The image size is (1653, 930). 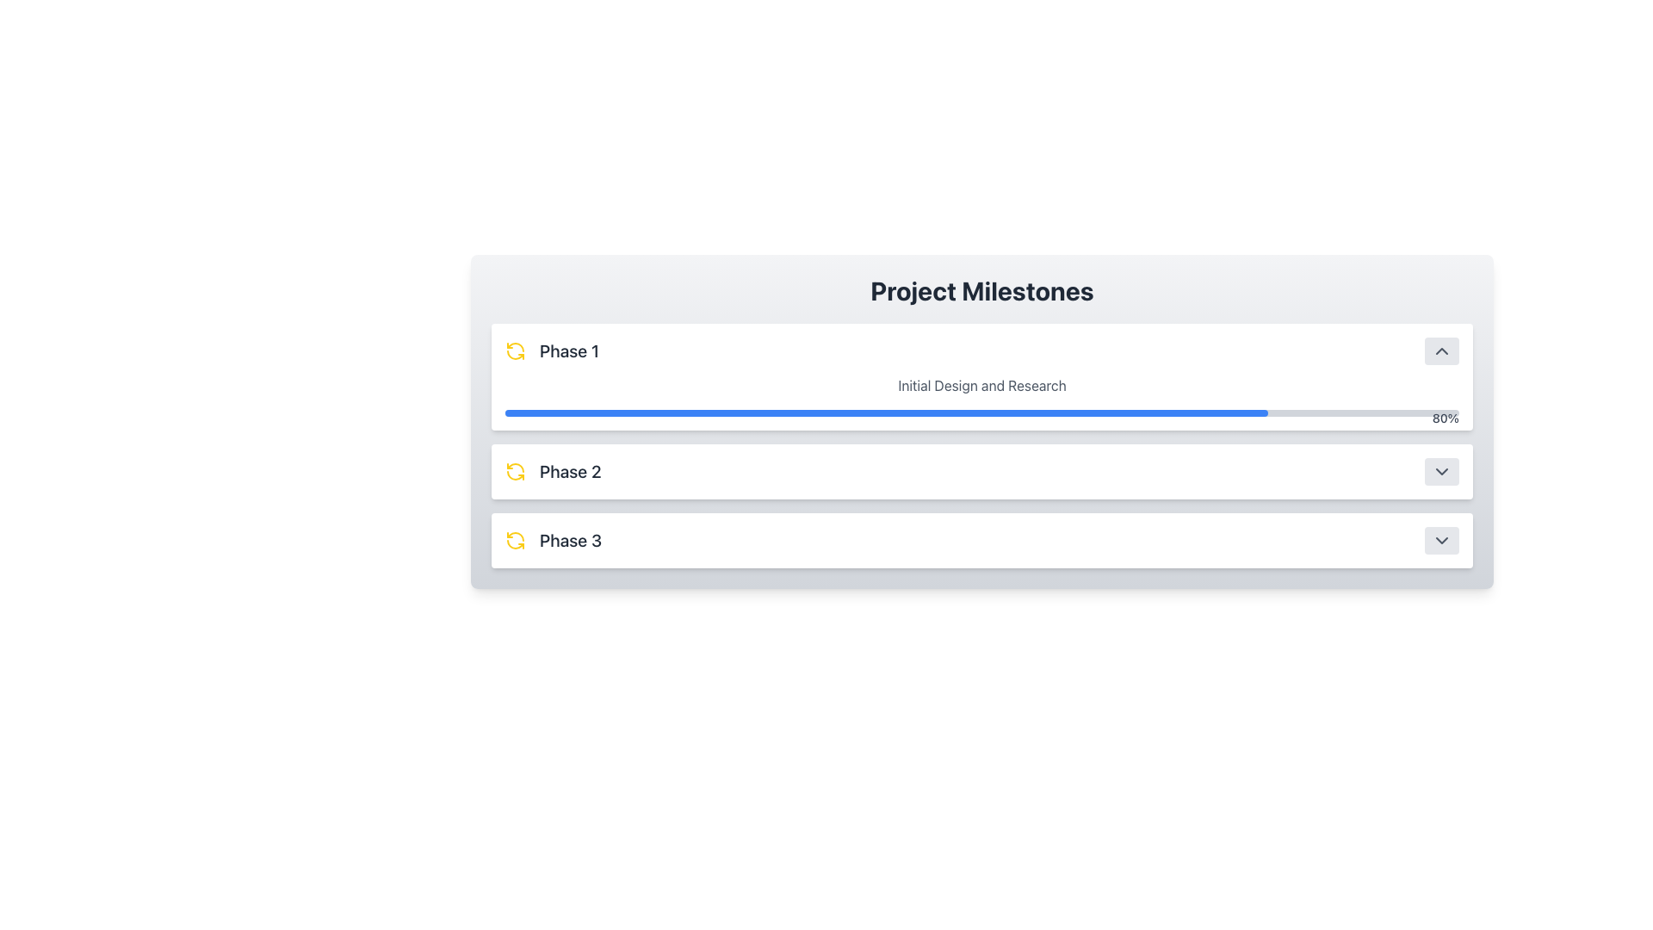 What do you see at coordinates (1442, 350) in the screenshot?
I see `the toggle button located in the top-right corner of the 'Phase 1' section` at bounding box center [1442, 350].